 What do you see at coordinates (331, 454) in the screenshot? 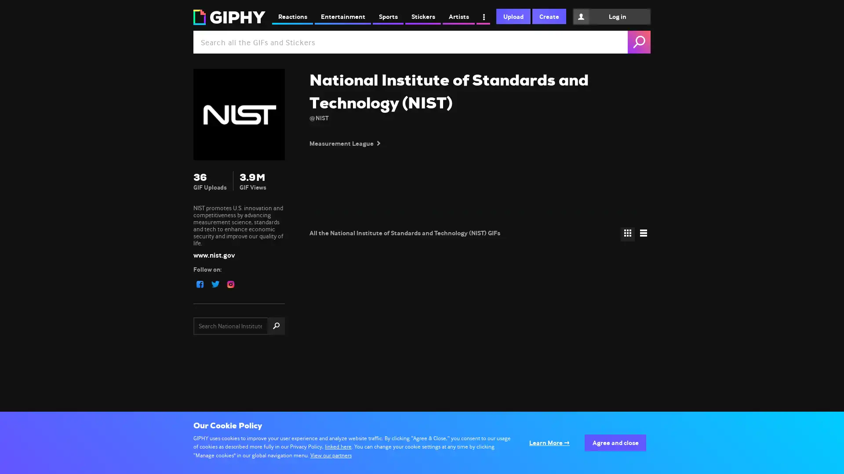
I see `View our partners` at bounding box center [331, 454].